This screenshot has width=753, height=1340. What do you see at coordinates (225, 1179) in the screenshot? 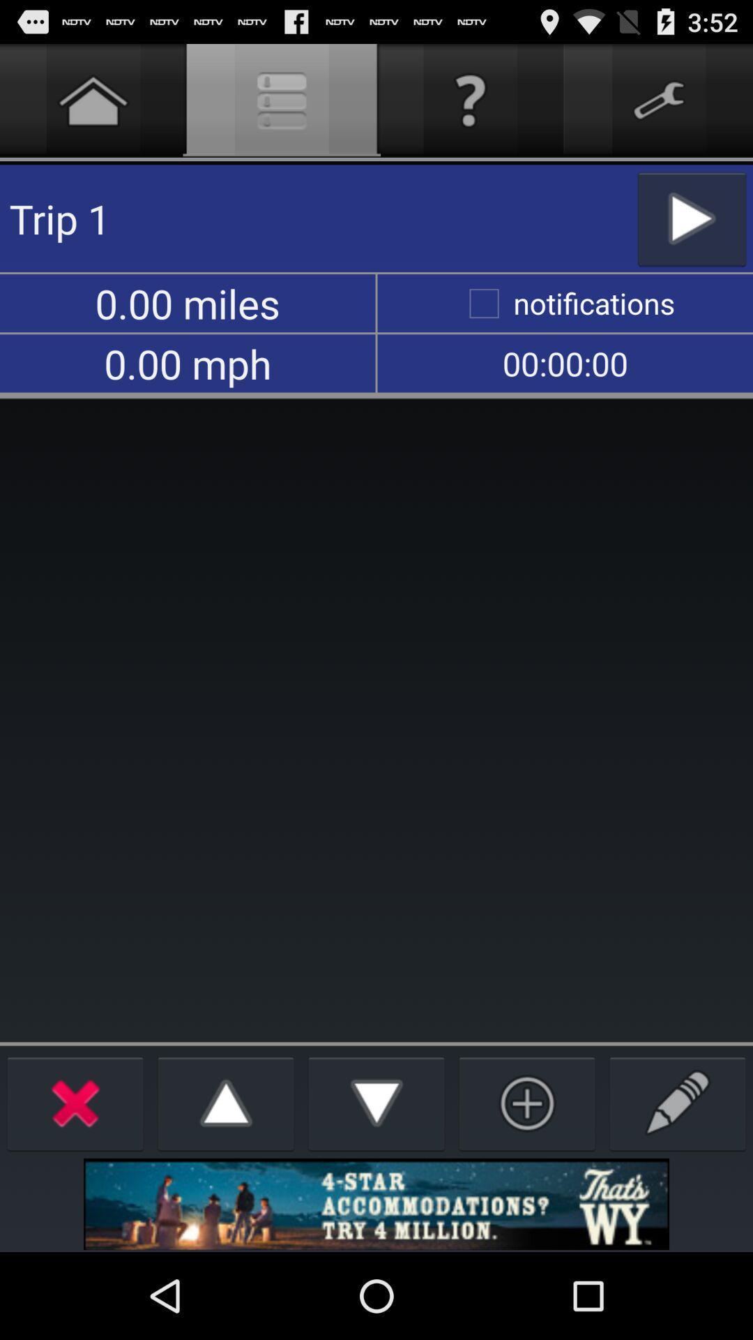
I see `the arrow_upward icon` at bounding box center [225, 1179].